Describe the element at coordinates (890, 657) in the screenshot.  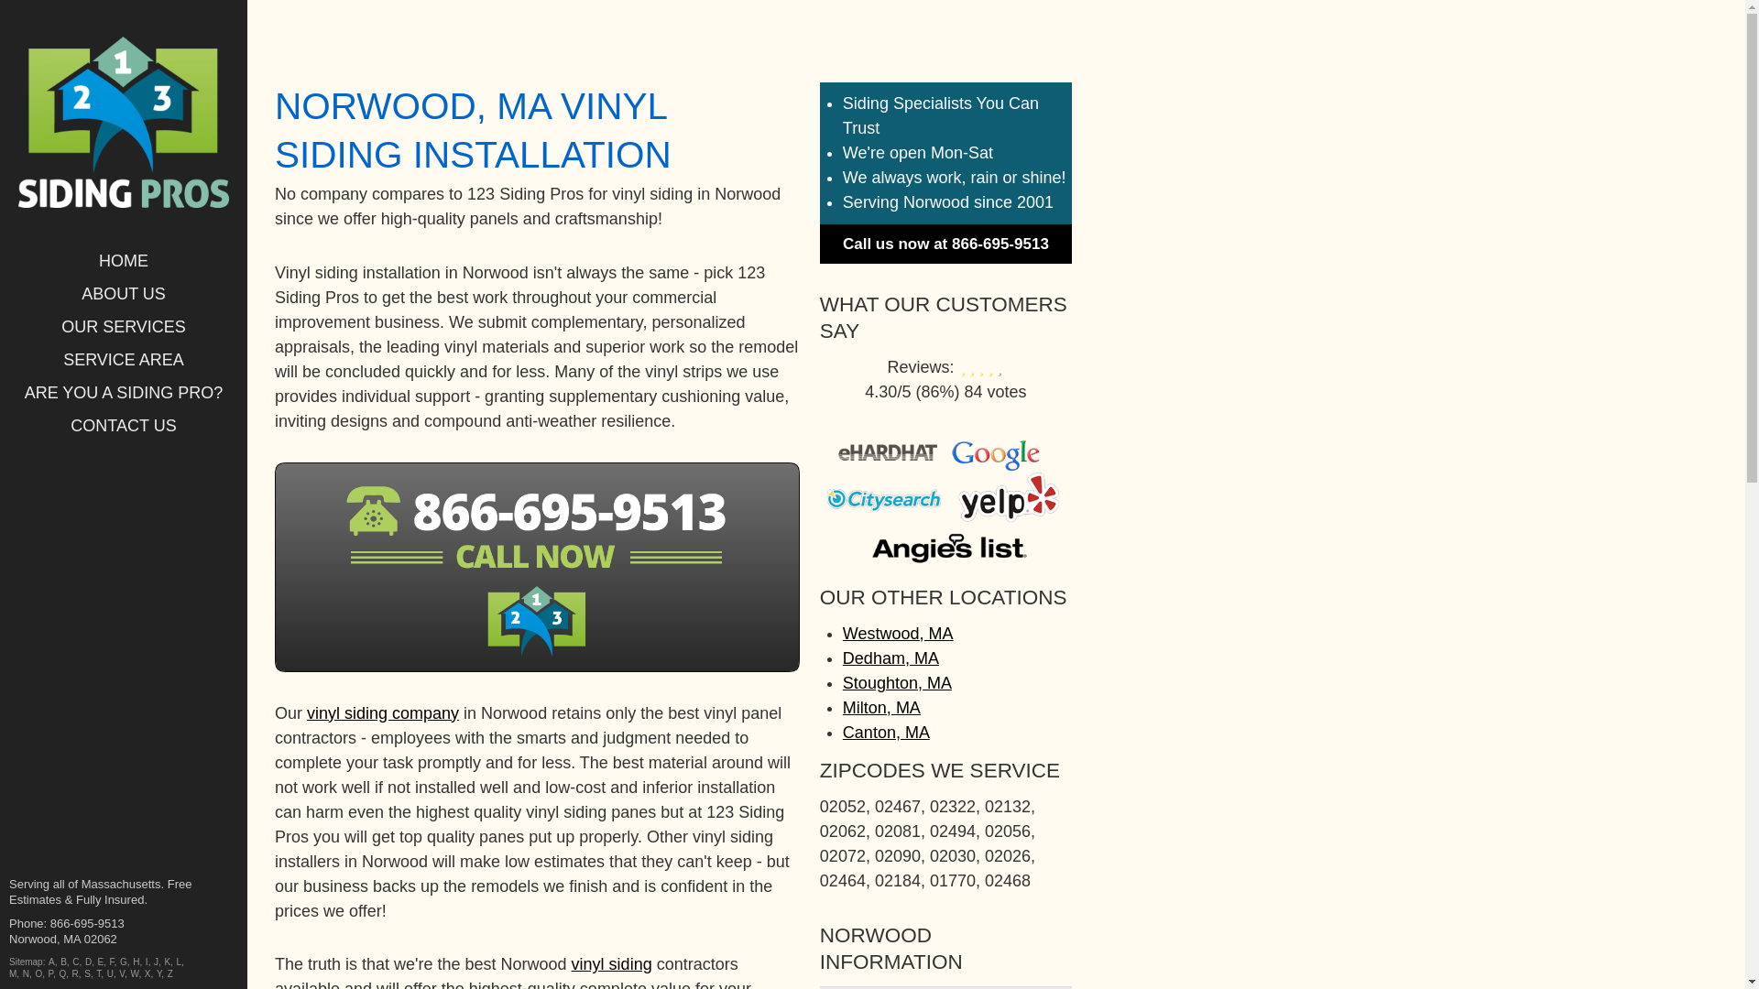
I see `'Dedham, MA'` at that location.